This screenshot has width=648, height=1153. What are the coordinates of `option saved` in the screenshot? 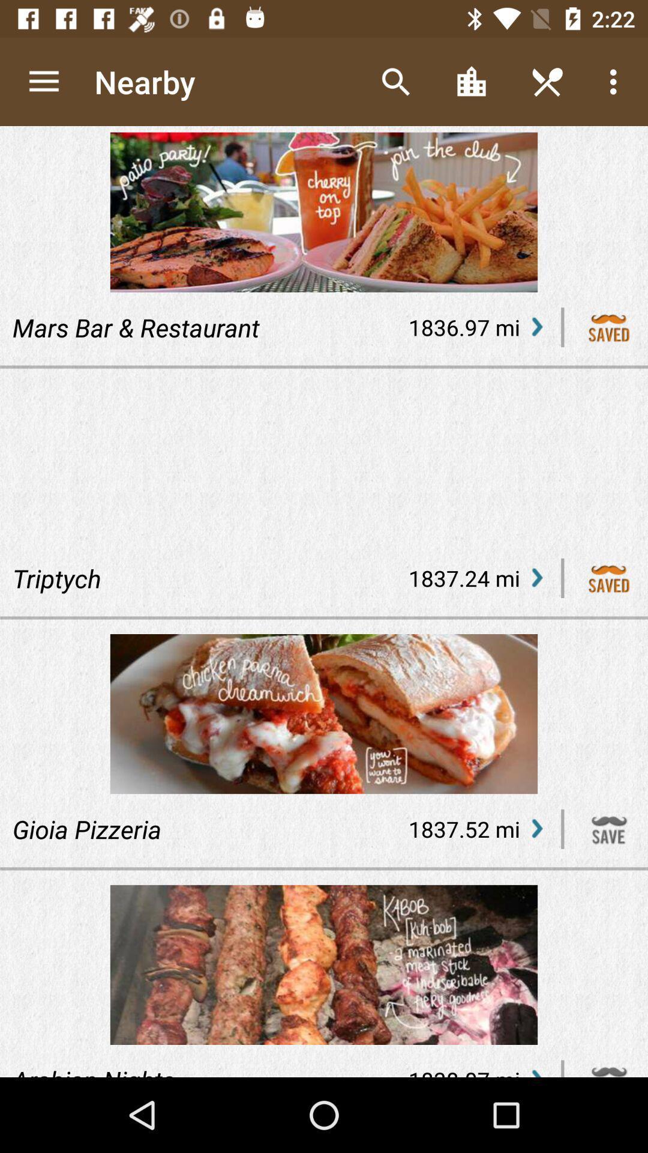 It's located at (609, 578).